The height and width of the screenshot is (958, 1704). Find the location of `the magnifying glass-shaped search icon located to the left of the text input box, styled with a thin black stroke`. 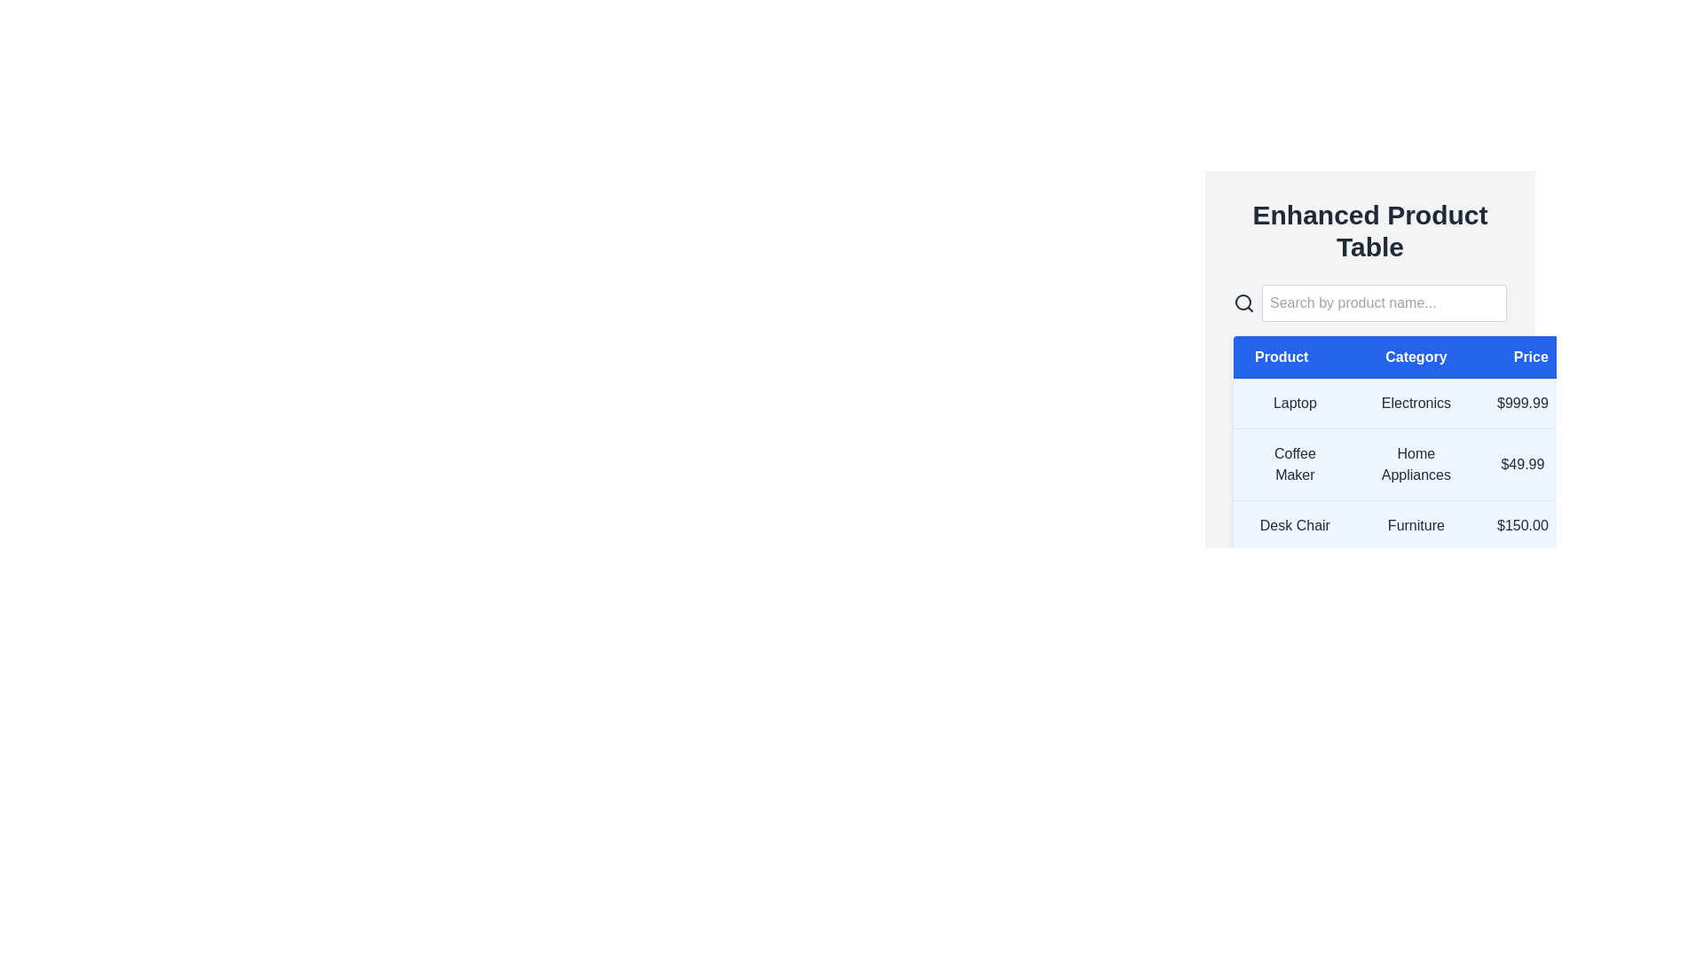

the magnifying glass-shaped search icon located to the left of the text input box, styled with a thin black stroke is located at coordinates (1242, 302).